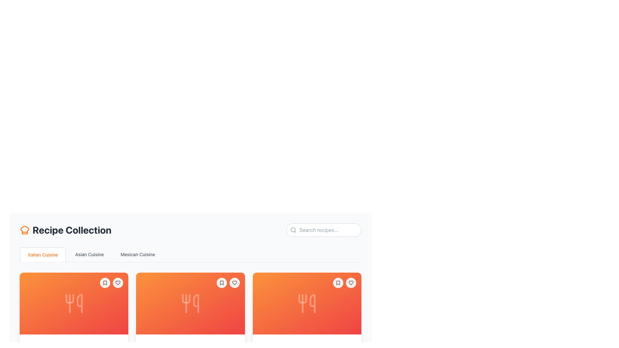 This screenshot has height=348, width=619. I want to click on the vector graphic component representing a chef's hat, located next to the 'Recipe Collection' text, so click(25, 229).